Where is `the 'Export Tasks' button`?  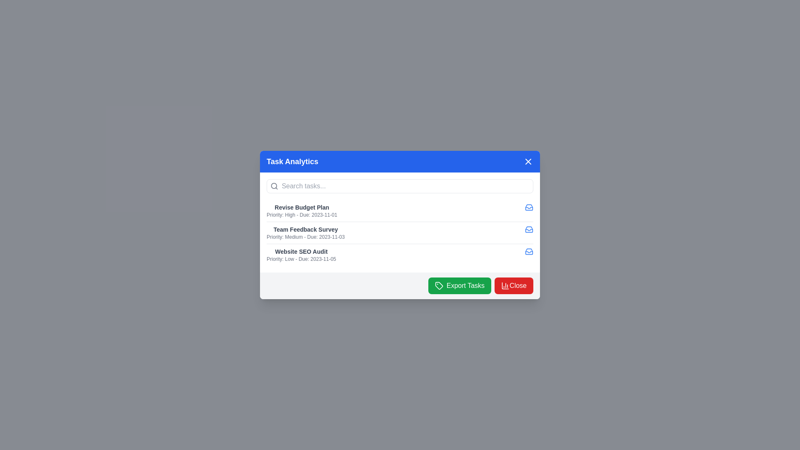
the 'Export Tasks' button is located at coordinates (459, 285).